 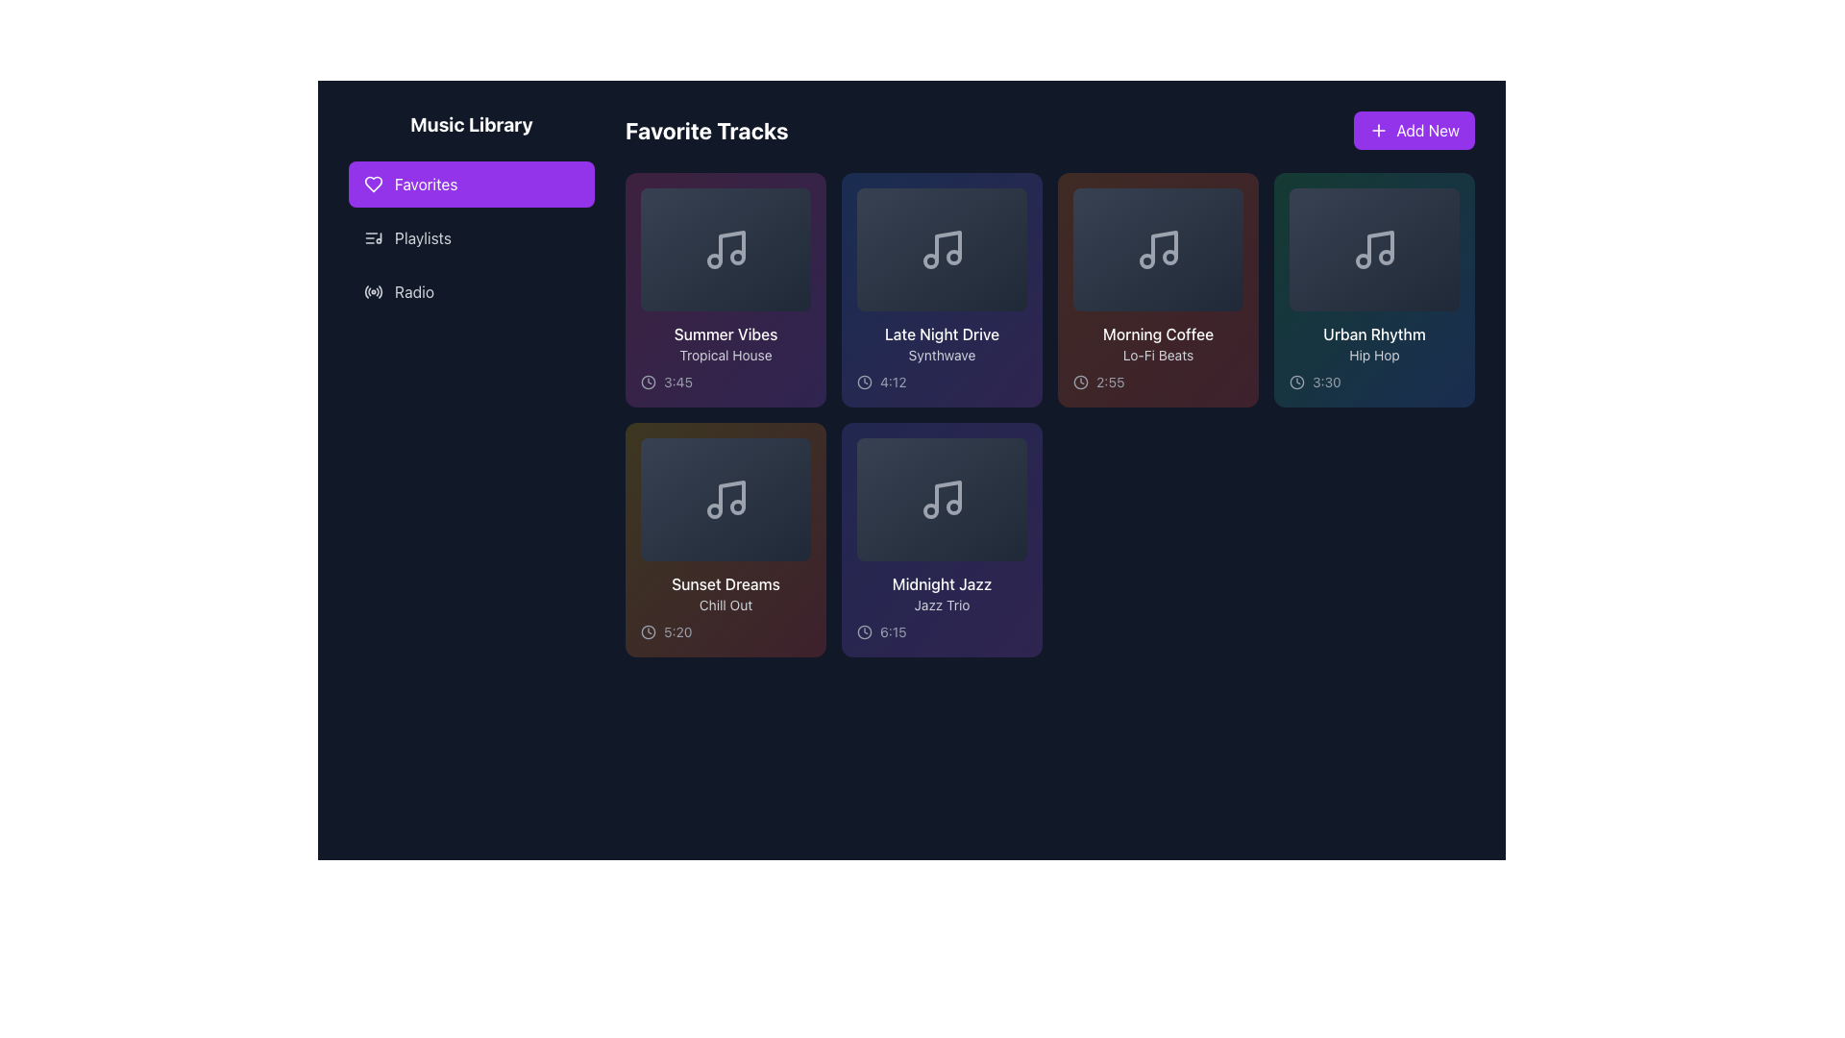 What do you see at coordinates (471, 125) in the screenshot?
I see `the bold text label 'Music Library' which is prominently displayed at the top of the navigation sidebar on the left` at bounding box center [471, 125].